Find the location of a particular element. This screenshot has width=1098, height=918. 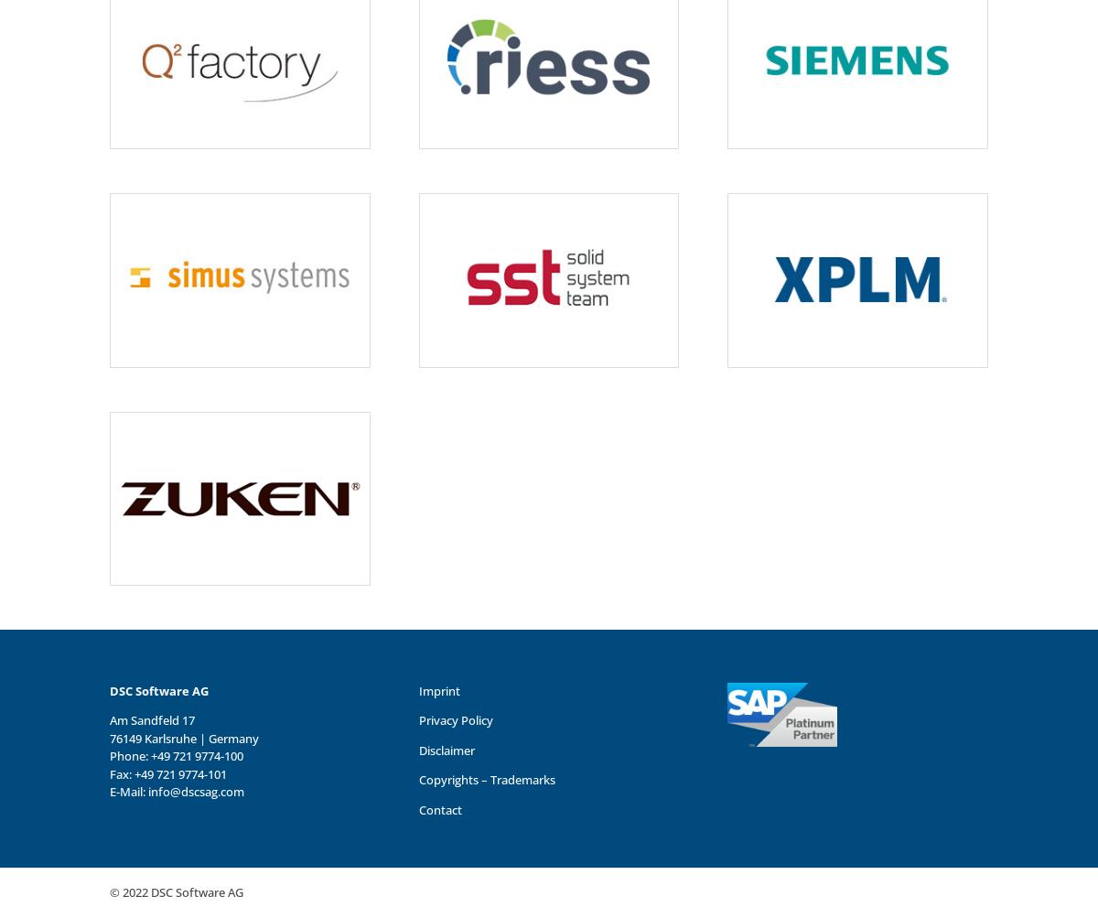

'76149 Karlsruhe | Germany' is located at coordinates (110, 738).